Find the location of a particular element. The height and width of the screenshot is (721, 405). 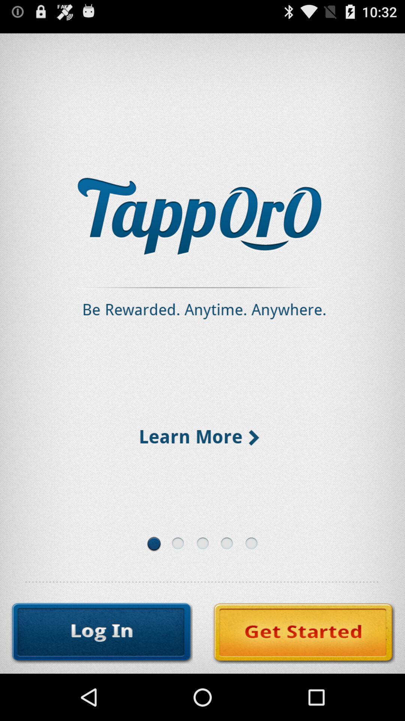

login is located at coordinates (101, 633).